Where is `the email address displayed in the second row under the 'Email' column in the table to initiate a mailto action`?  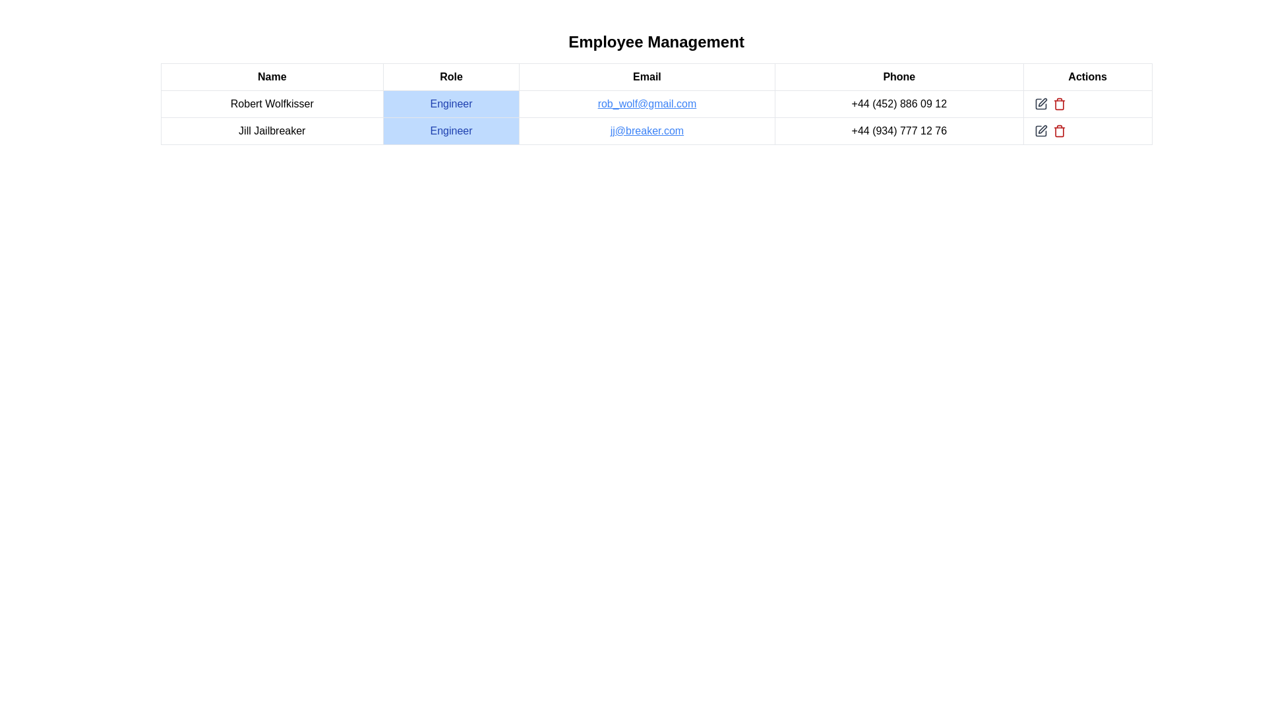 the email address displayed in the second row under the 'Email' column in the table to initiate a mailto action is located at coordinates (647, 131).